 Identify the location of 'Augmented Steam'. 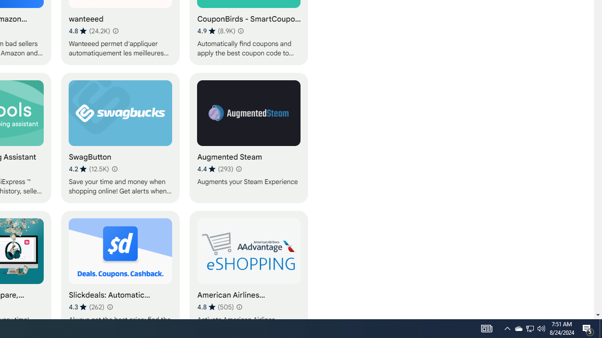
(249, 138).